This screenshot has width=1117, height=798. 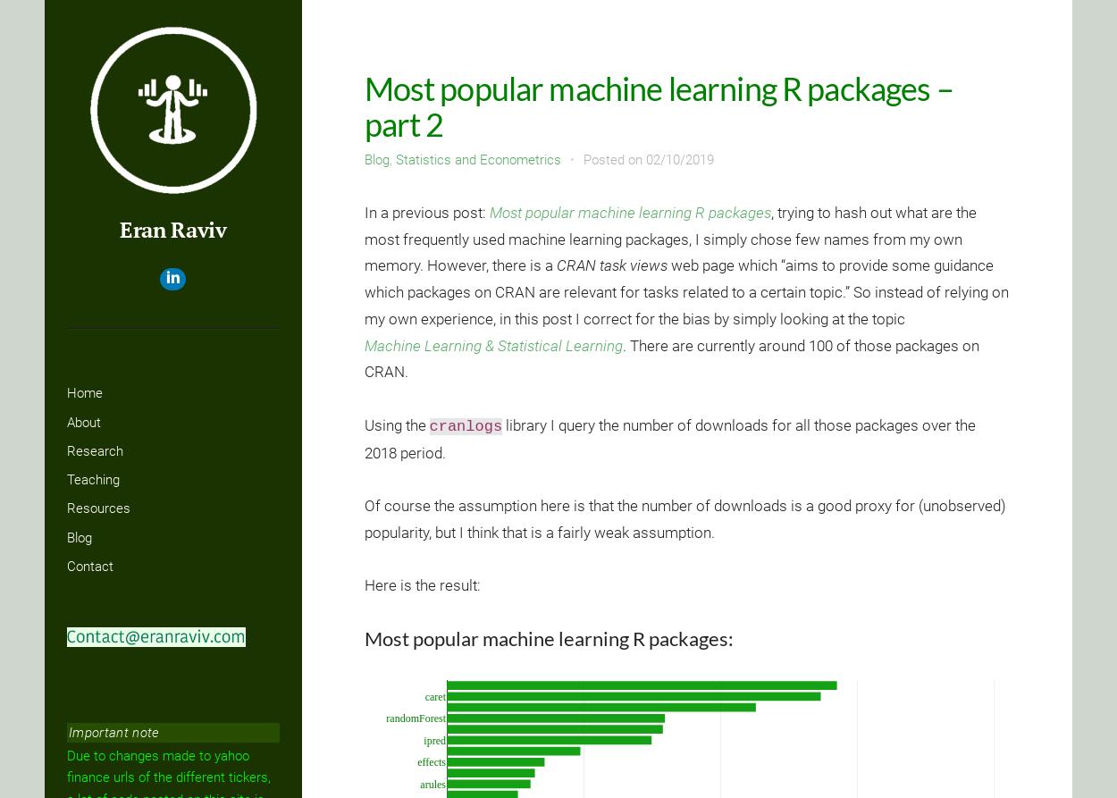 I want to click on 'Most popular machine learning R packages:', so click(x=364, y=637).